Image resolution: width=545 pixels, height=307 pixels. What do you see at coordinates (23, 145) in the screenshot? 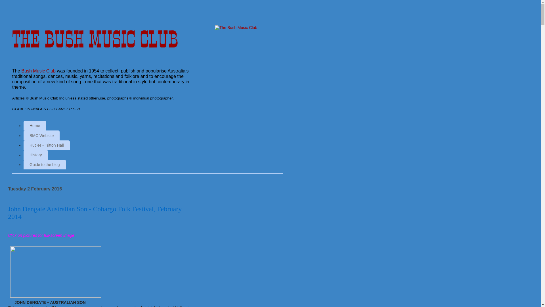
I see `'Hut 44 - Tritton Hall'` at bounding box center [23, 145].